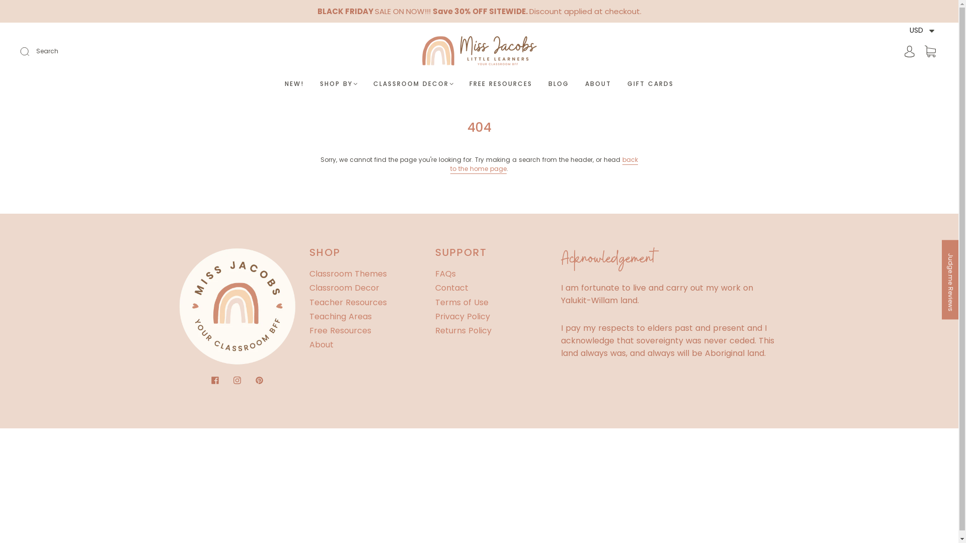  What do you see at coordinates (340, 330) in the screenshot?
I see `'Free Resources'` at bounding box center [340, 330].